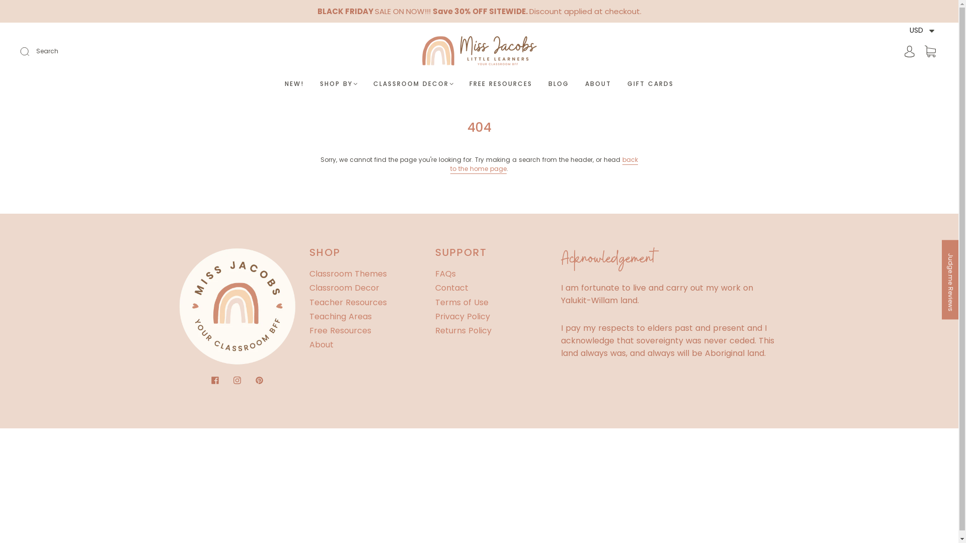  What do you see at coordinates (340, 330) in the screenshot?
I see `'Free Resources'` at bounding box center [340, 330].